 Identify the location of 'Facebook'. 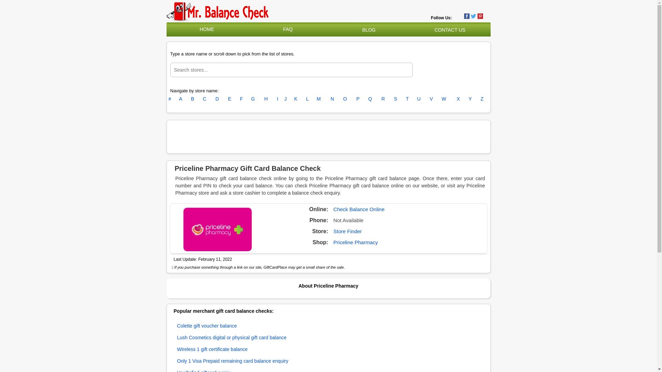
(464, 15).